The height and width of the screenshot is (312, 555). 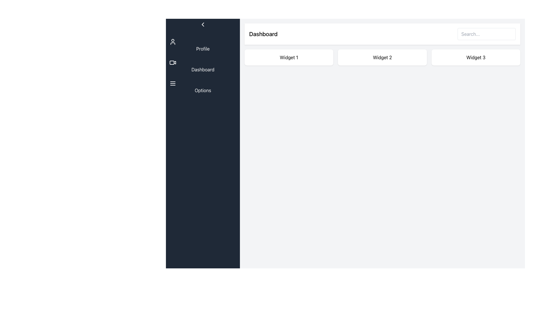 What do you see at coordinates (203, 24) in the screenshot?
I see `the topmost leftward pointing chevron arrow icon on the dark blue background` at bounding box center [203, 24].